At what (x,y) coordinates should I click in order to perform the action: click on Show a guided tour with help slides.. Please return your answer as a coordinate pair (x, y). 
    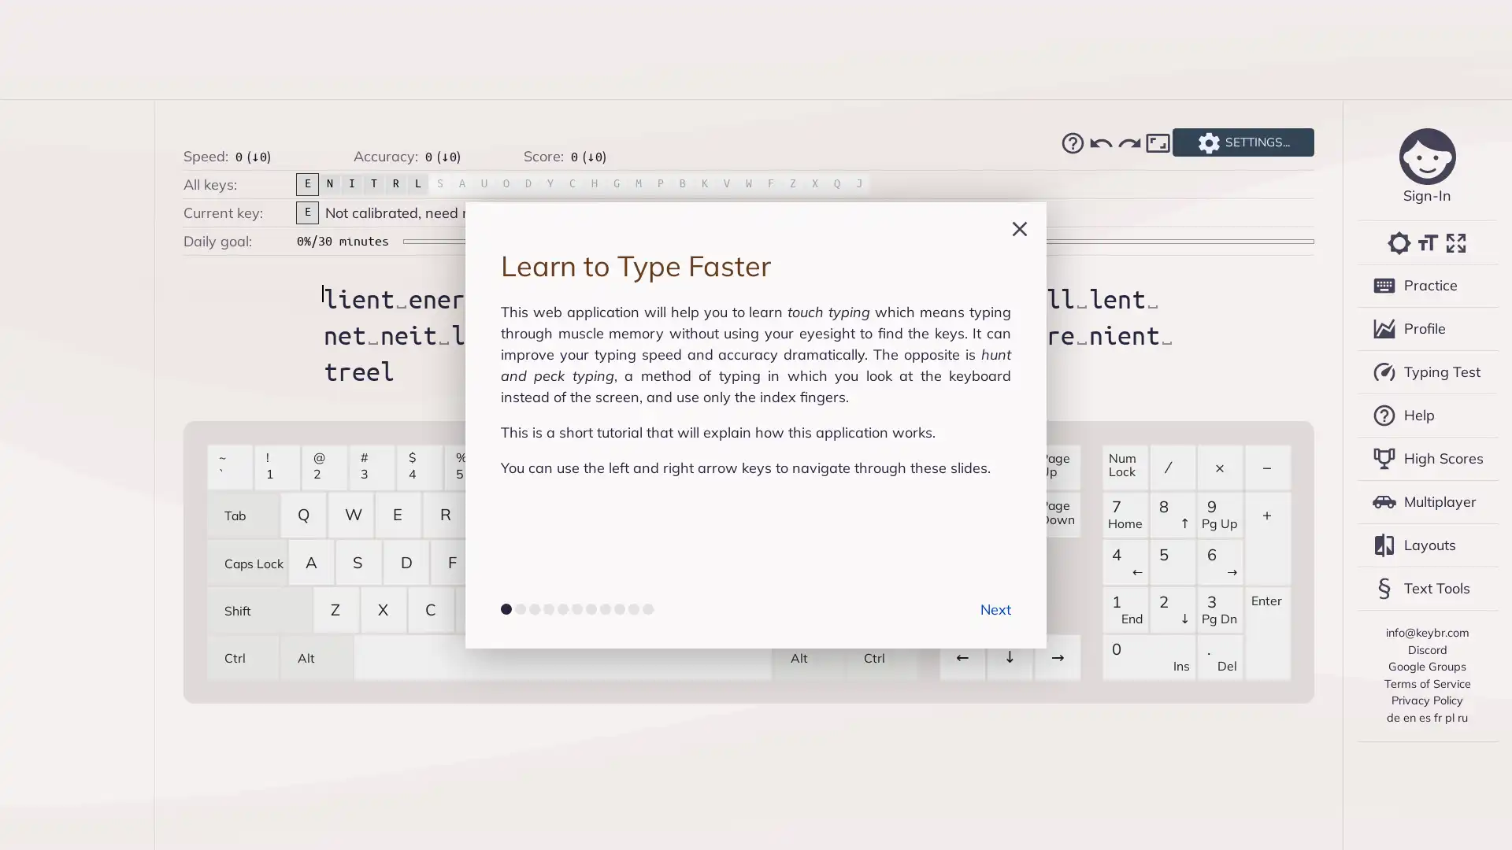
    Looking at the image, I should click on (1072, 142).